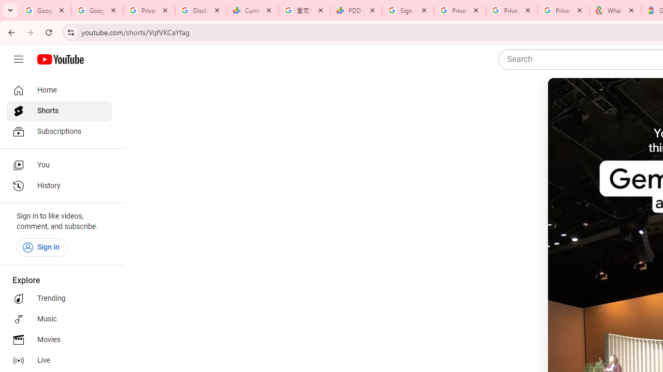 The height and width of the screenshot is (372, 663). Describe the element at coordinates (58, 299) in the screenshot. I see `'Trending'` at that location.